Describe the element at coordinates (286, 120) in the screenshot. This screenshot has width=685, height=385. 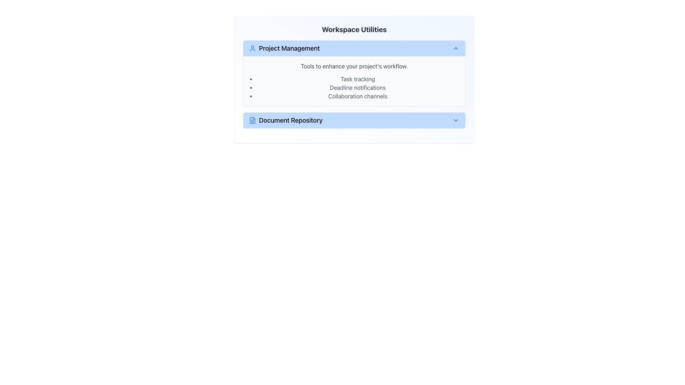
I see `the leftmost label with an icon in the light blue bar at the bottom of the 'Workspace Utilities' section` at that location.